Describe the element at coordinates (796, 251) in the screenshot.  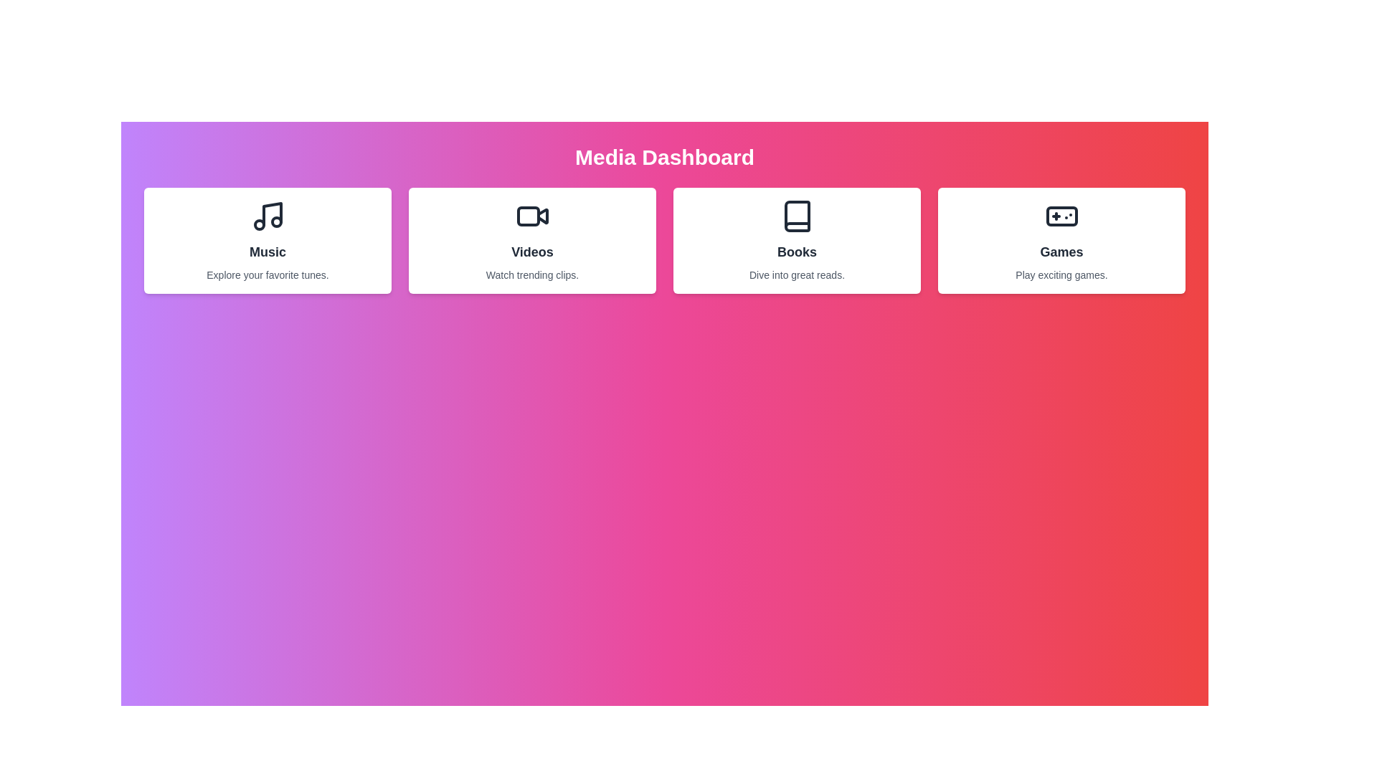
I see `the 'Books' title label which serves as a title for the 'Books' card within the dashboard interface` at that location.